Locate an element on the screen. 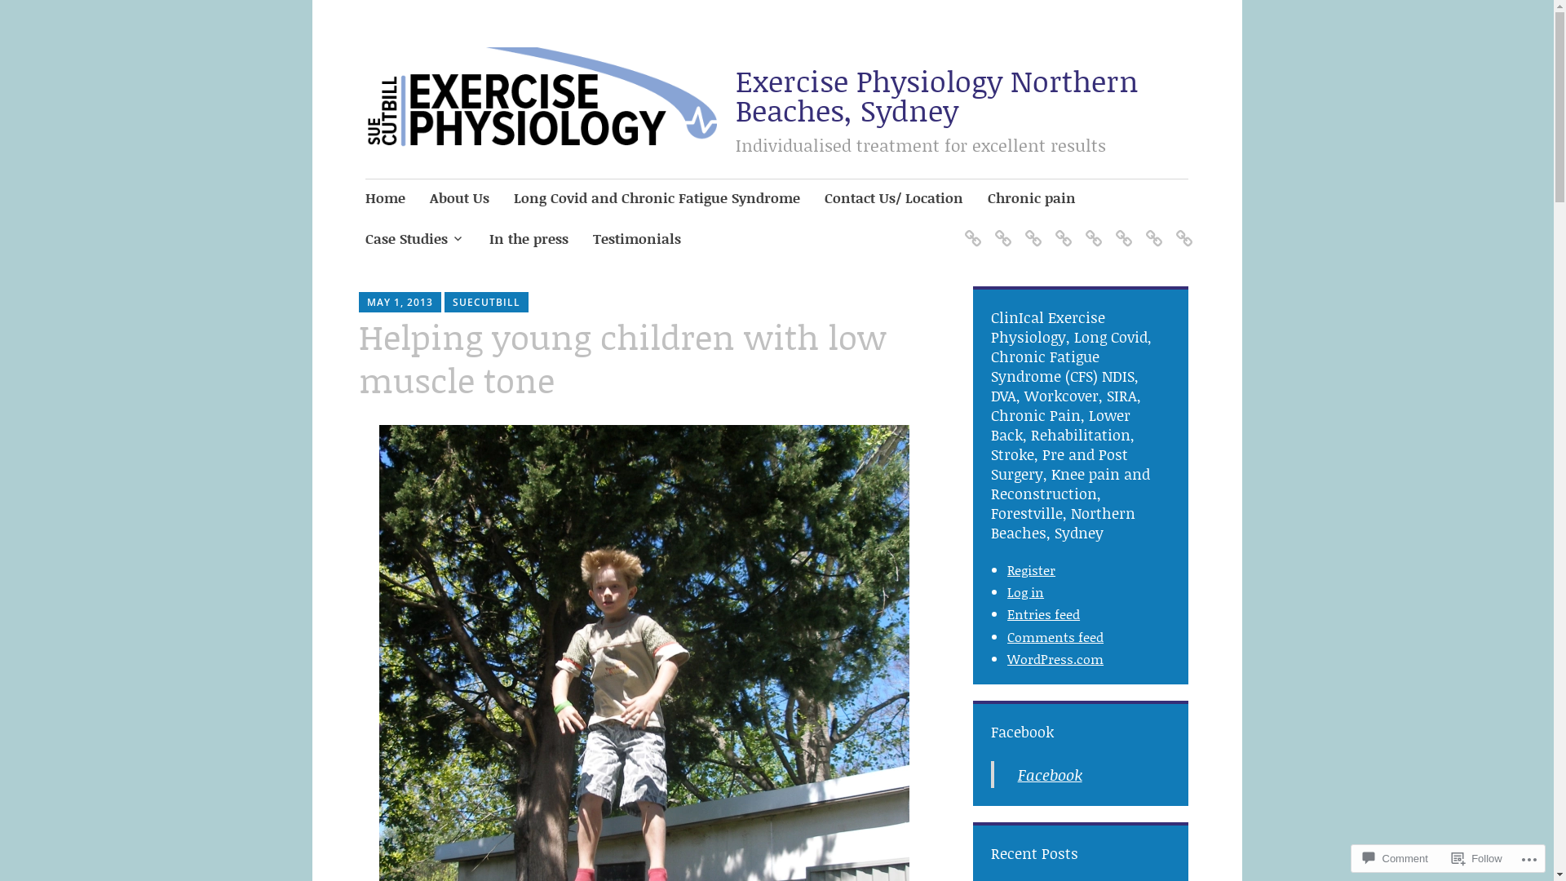 Image resolution: width=1566 pixels, height=881 pixels. 'Chronic pain' is located at coordinates (1031, 197).